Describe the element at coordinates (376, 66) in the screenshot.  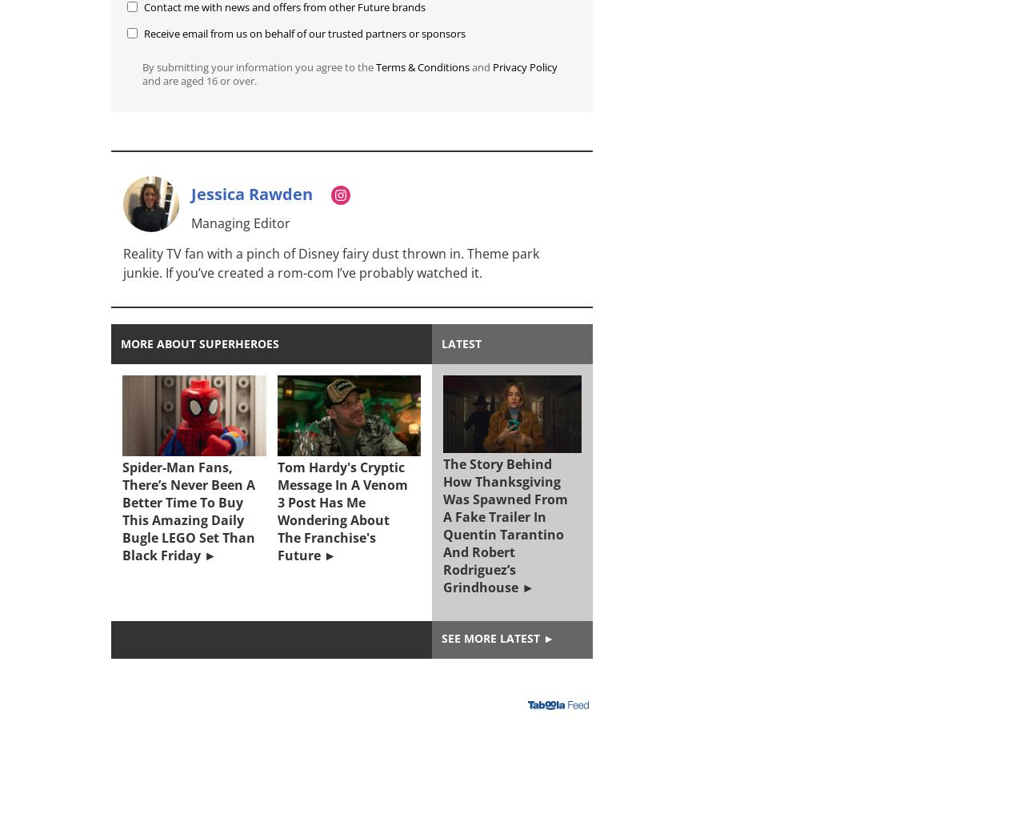
I see `'Terms & Conditions'` at that location.